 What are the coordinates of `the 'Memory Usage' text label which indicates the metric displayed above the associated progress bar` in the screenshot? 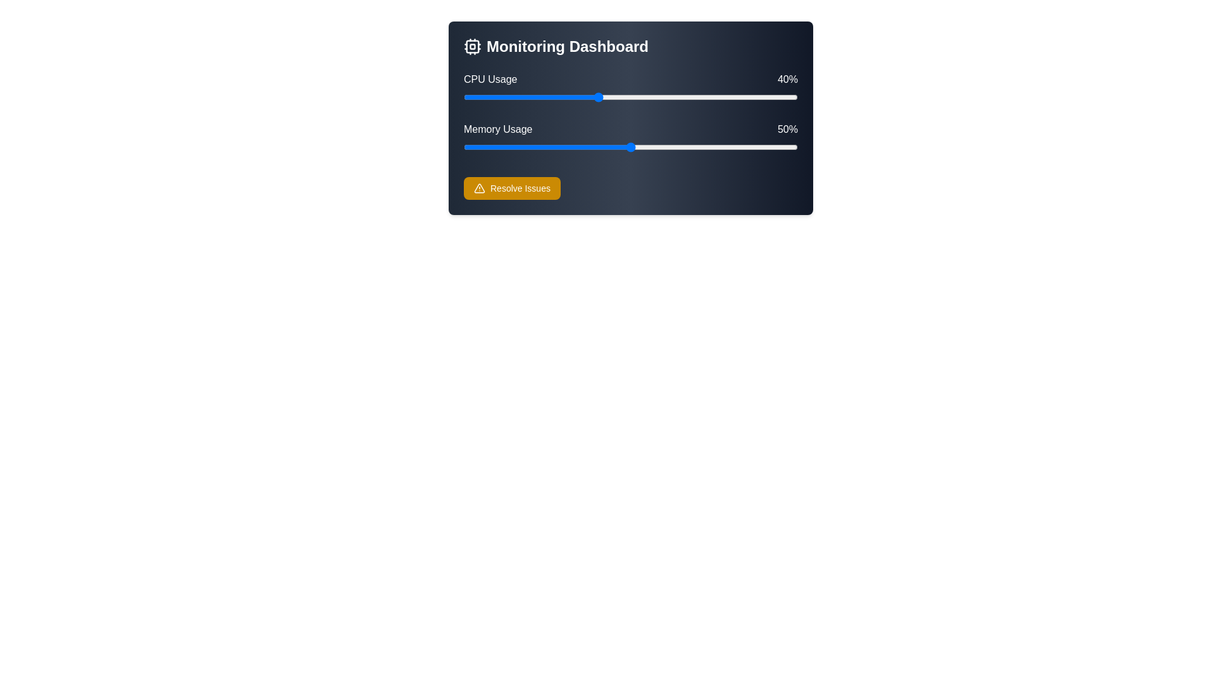 It's located at (497, 129).